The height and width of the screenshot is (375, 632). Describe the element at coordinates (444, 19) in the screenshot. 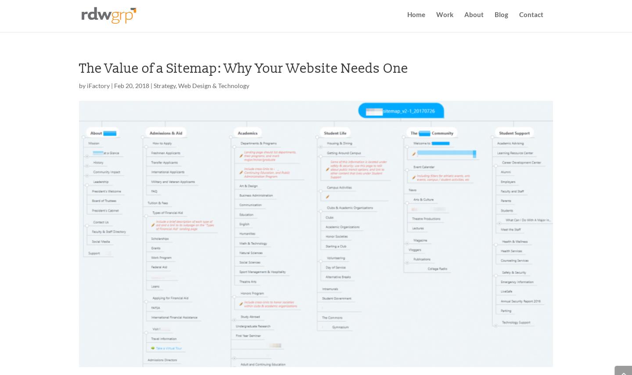

I see `'Work'` at that location.